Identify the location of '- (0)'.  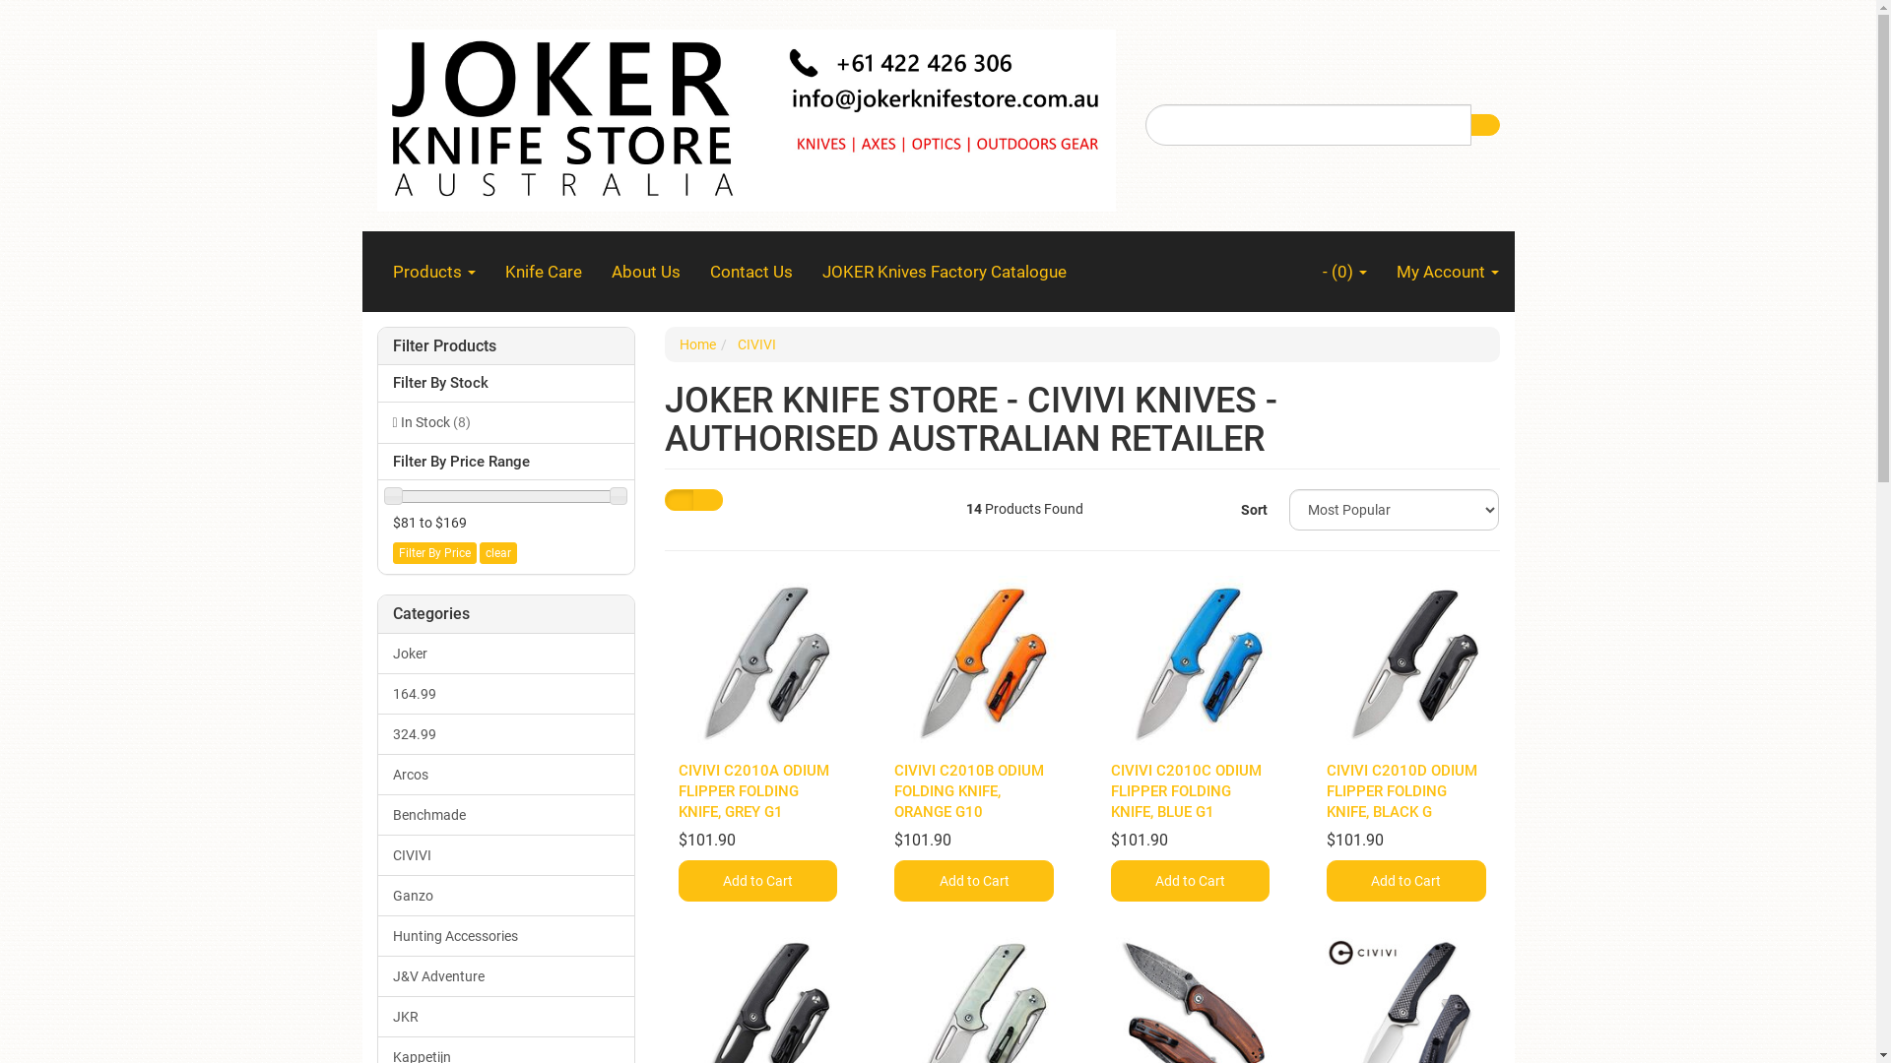
(1343, 272).